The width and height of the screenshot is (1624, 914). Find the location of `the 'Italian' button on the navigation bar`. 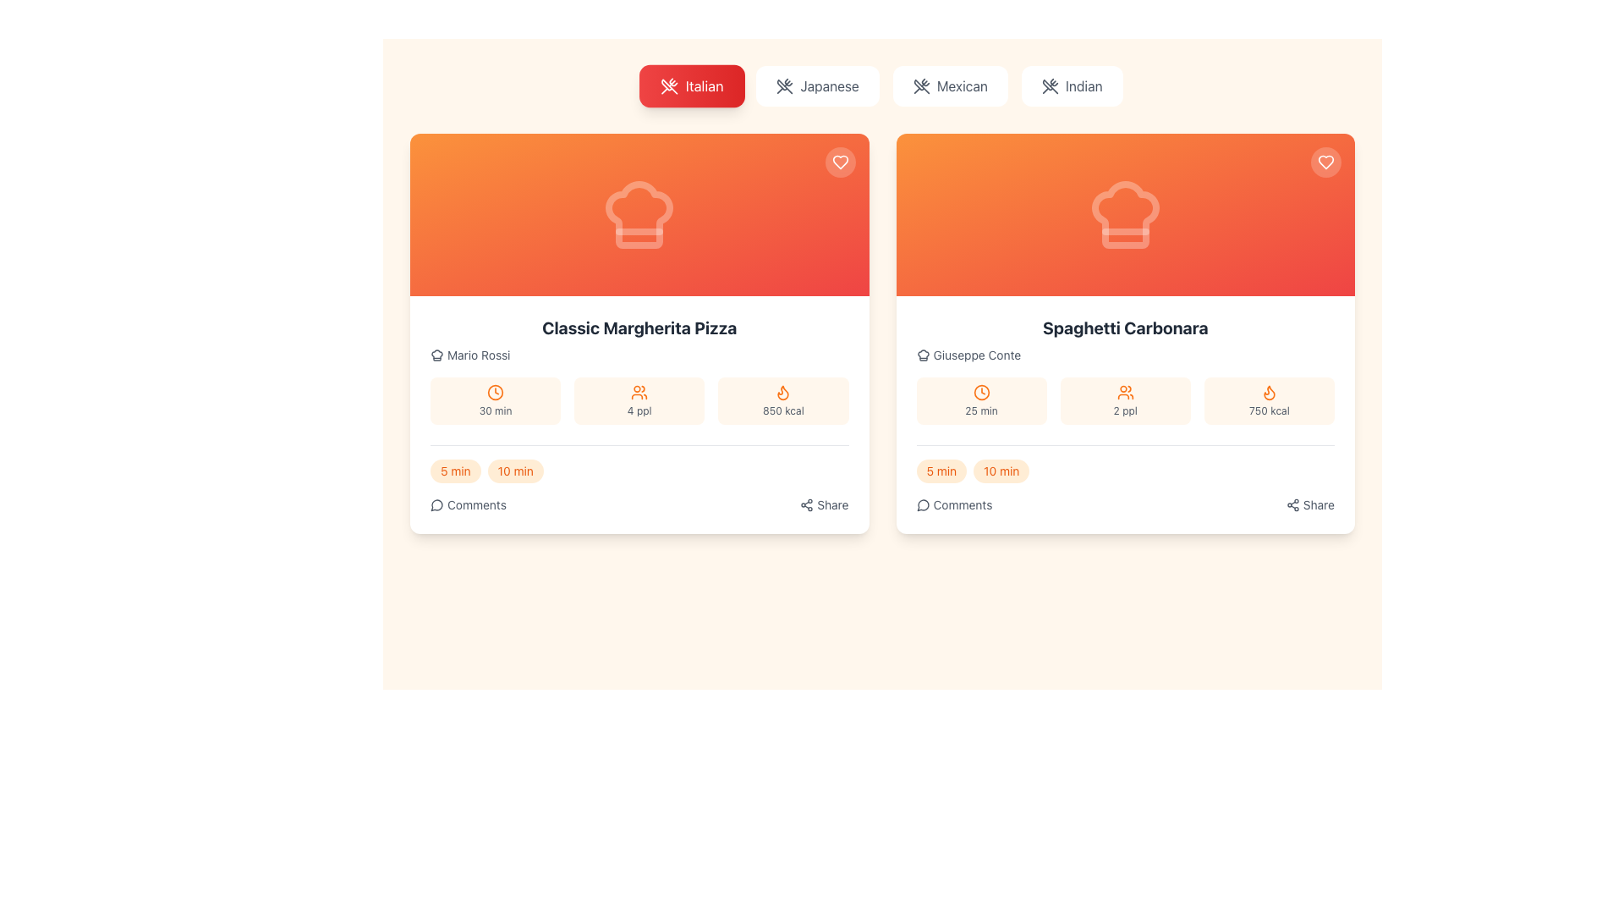

the 'Italian' button on the navigation bar is located at coordinates (881, 85).